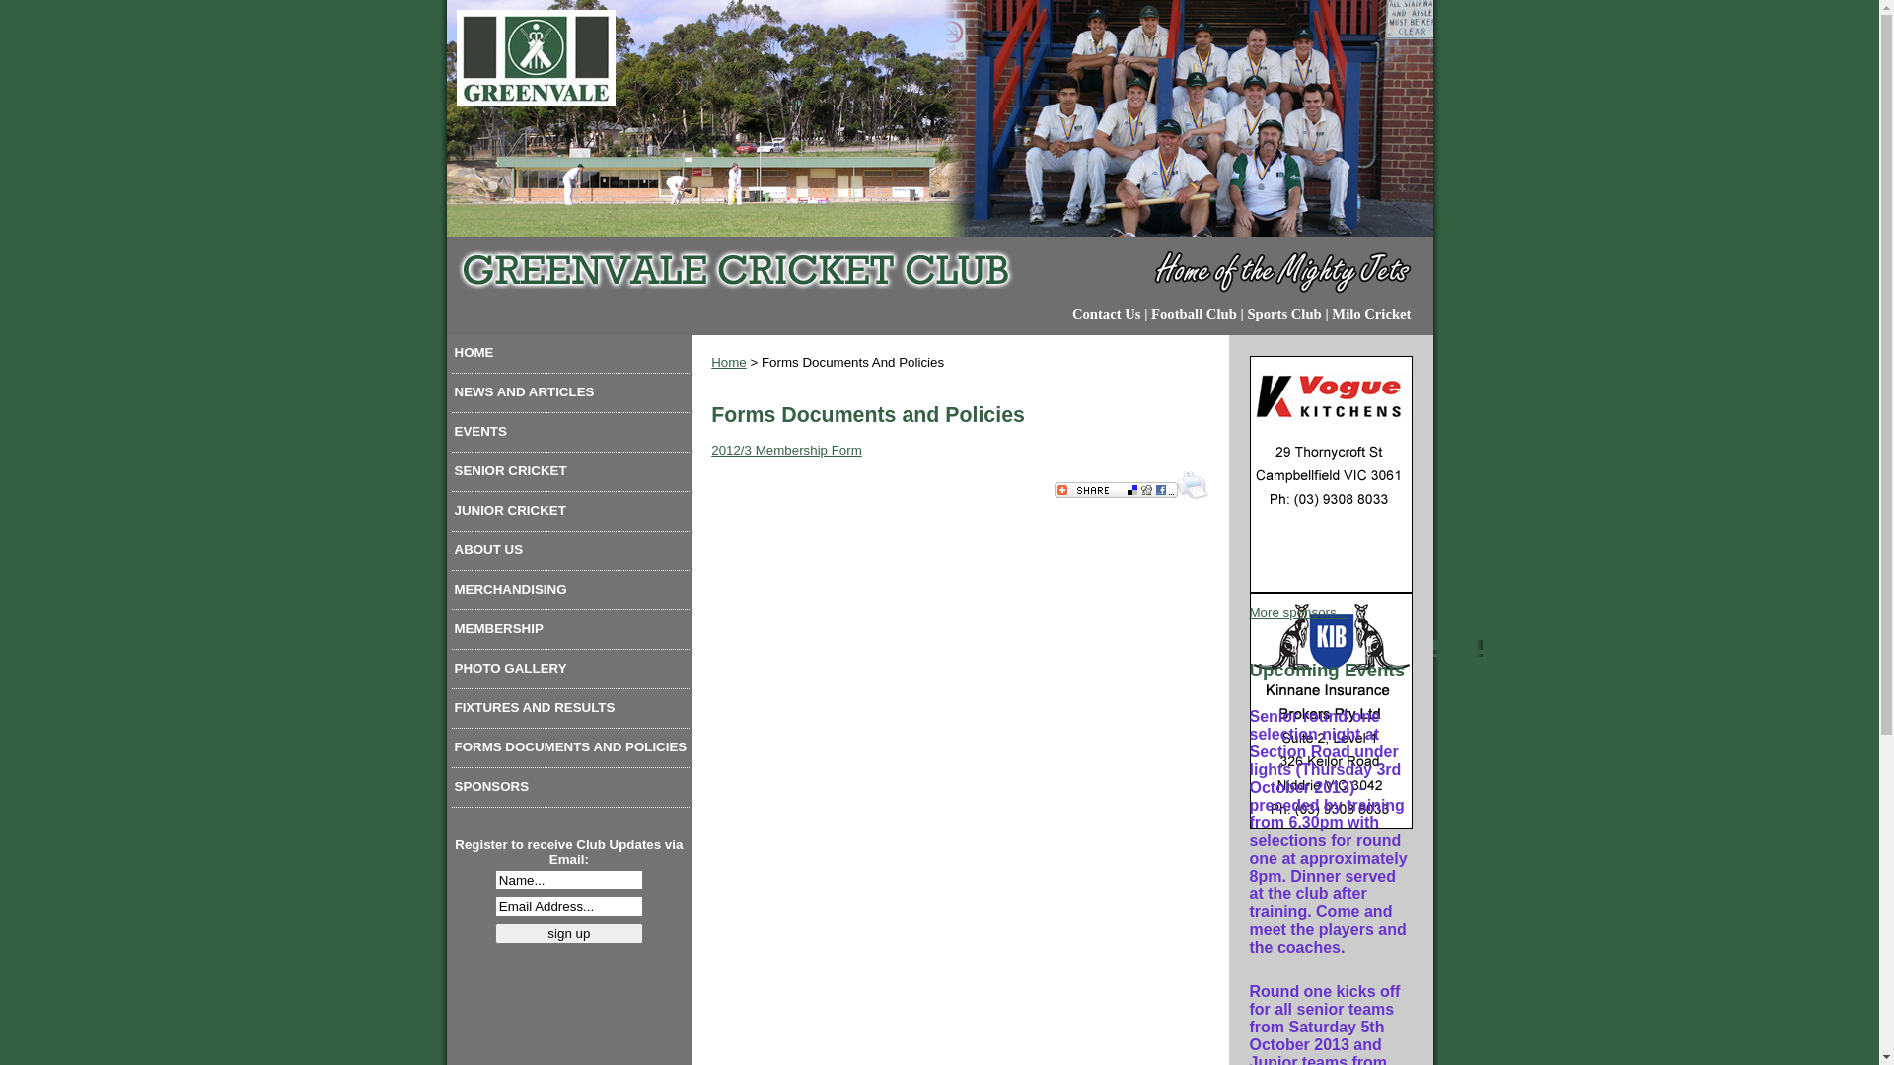  What do you see at coordinates (570, 395) in the screenshot?
I see `'NEWS AND ARTICLES'` at bounding box center [570, 395].